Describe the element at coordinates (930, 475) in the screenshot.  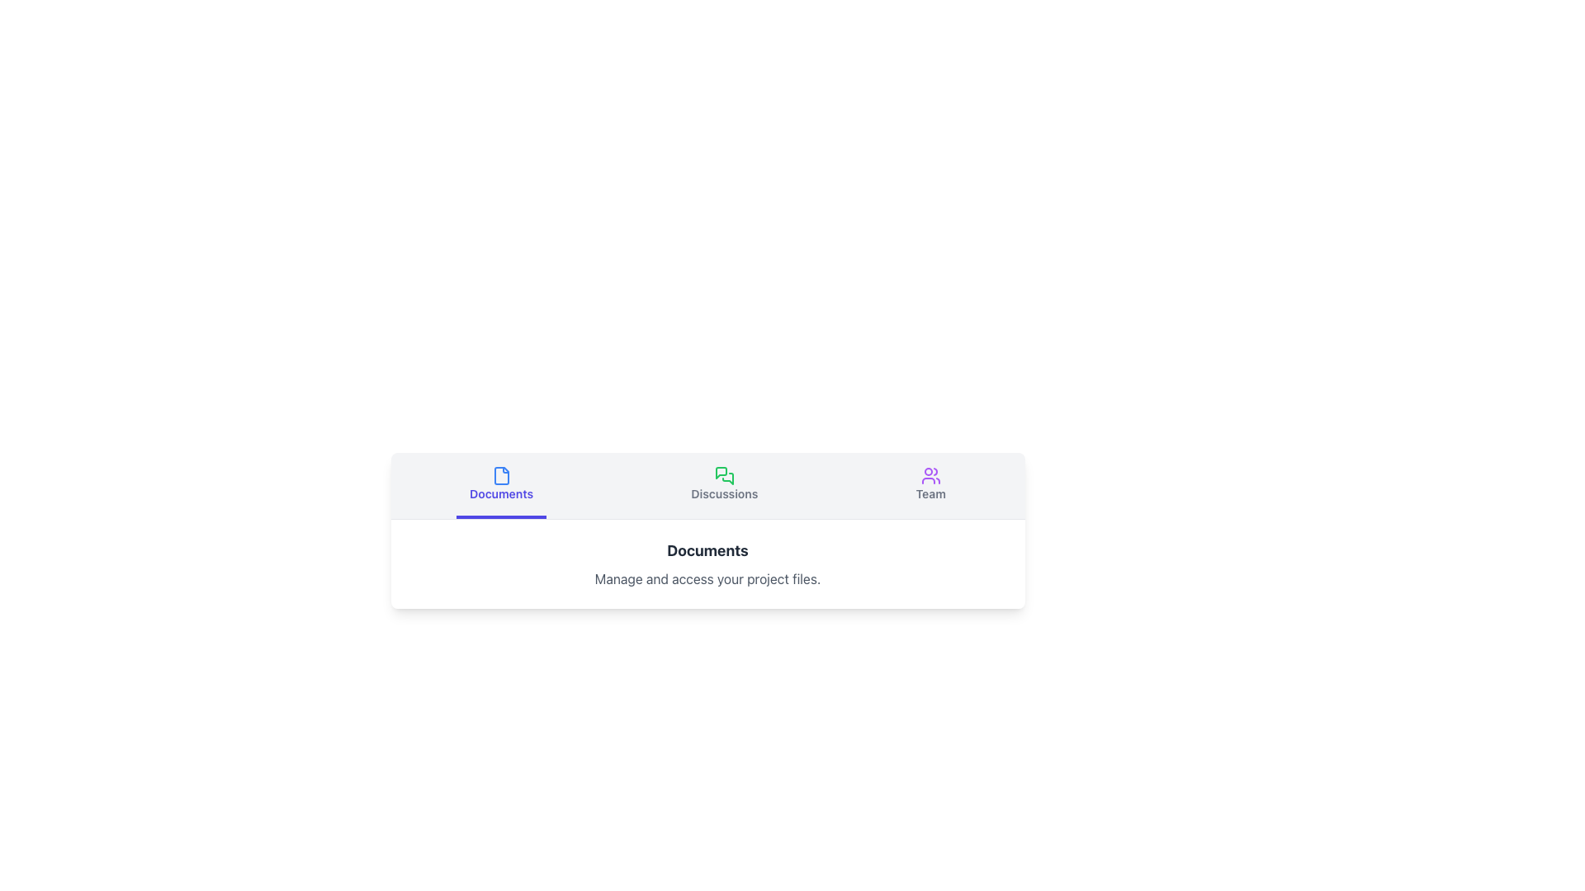
I see `the purple-colored icon depicting a group of people, which is positioned in the top-right section of the navigation menu, above the 'Team' label` at that location.